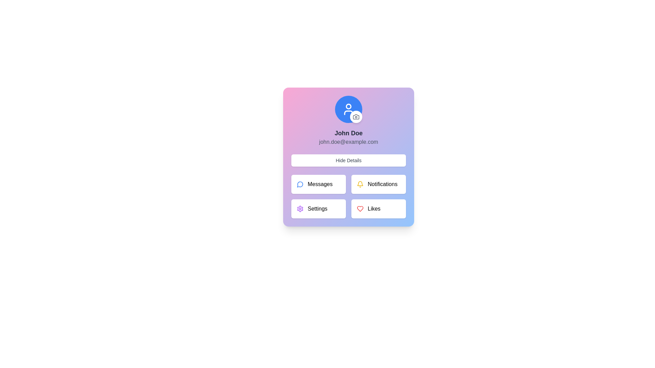 This screenshot has height=368, width=655. What do you see at coordinates (300, 209) in the screenshot?
I see `the settings icon button located in the bottom-left corner of the user profile modal` at bounding box center [300, 209].